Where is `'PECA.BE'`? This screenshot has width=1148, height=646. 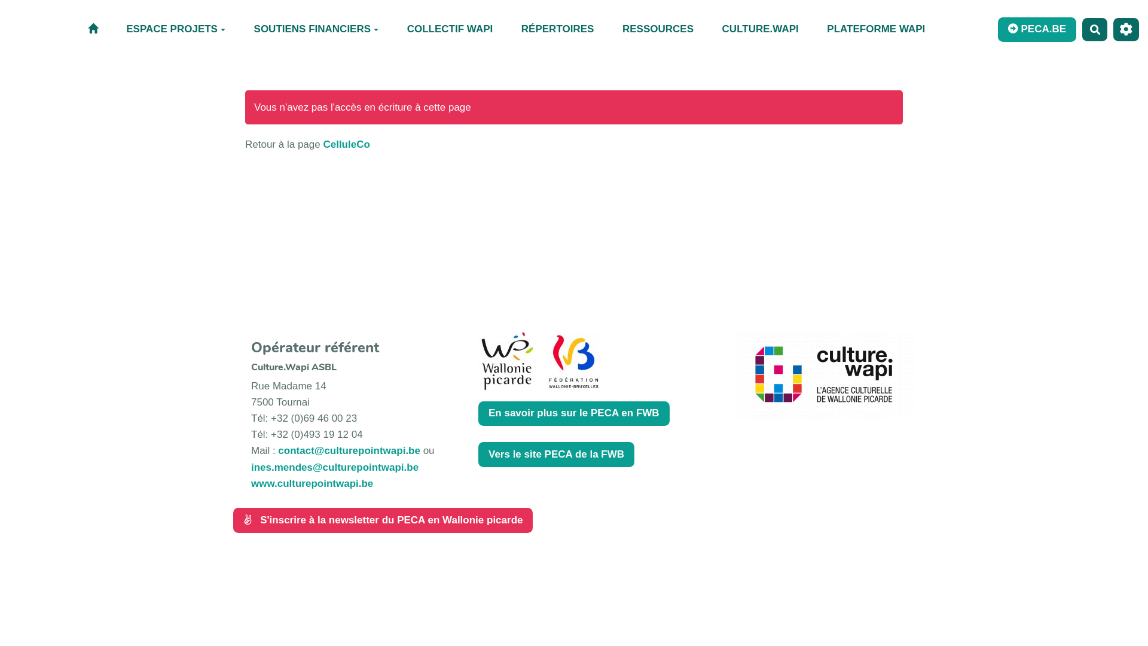
'PECA.BE' is located at coordinates (1036, 29).